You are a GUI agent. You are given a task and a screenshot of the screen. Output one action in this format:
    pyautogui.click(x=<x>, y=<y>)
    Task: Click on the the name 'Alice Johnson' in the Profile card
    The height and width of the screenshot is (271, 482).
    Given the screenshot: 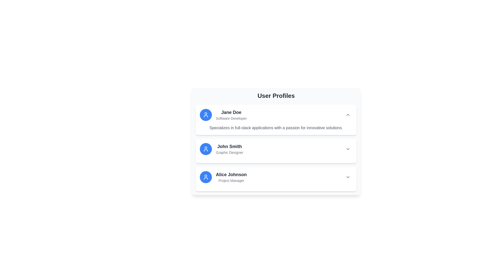 What is the action you would take?
    pyautogui.click(x=276, y=177)
    